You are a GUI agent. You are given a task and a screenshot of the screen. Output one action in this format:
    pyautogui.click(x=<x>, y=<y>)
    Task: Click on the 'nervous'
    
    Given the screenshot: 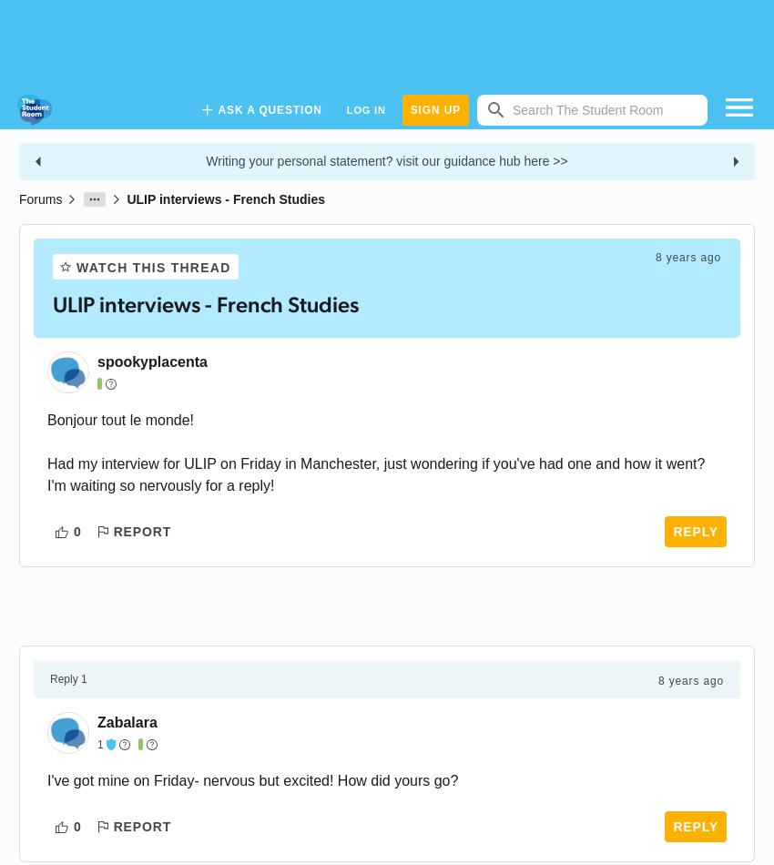 What is the action you would take?
    pyautogui.click(x=229, y=779)
    